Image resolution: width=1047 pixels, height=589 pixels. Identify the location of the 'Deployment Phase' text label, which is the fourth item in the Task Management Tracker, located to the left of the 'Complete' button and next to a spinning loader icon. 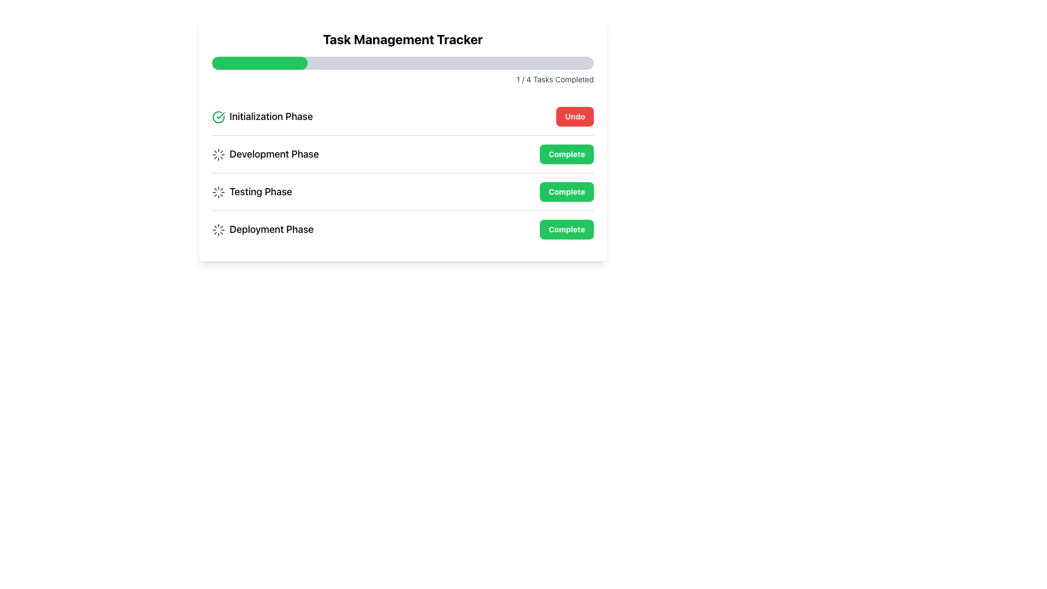
(263, 229).